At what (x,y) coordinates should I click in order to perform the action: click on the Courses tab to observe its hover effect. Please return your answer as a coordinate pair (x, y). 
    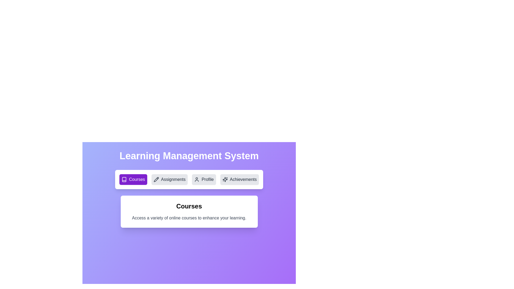
    Looking at the image, I should click on (133, 180).